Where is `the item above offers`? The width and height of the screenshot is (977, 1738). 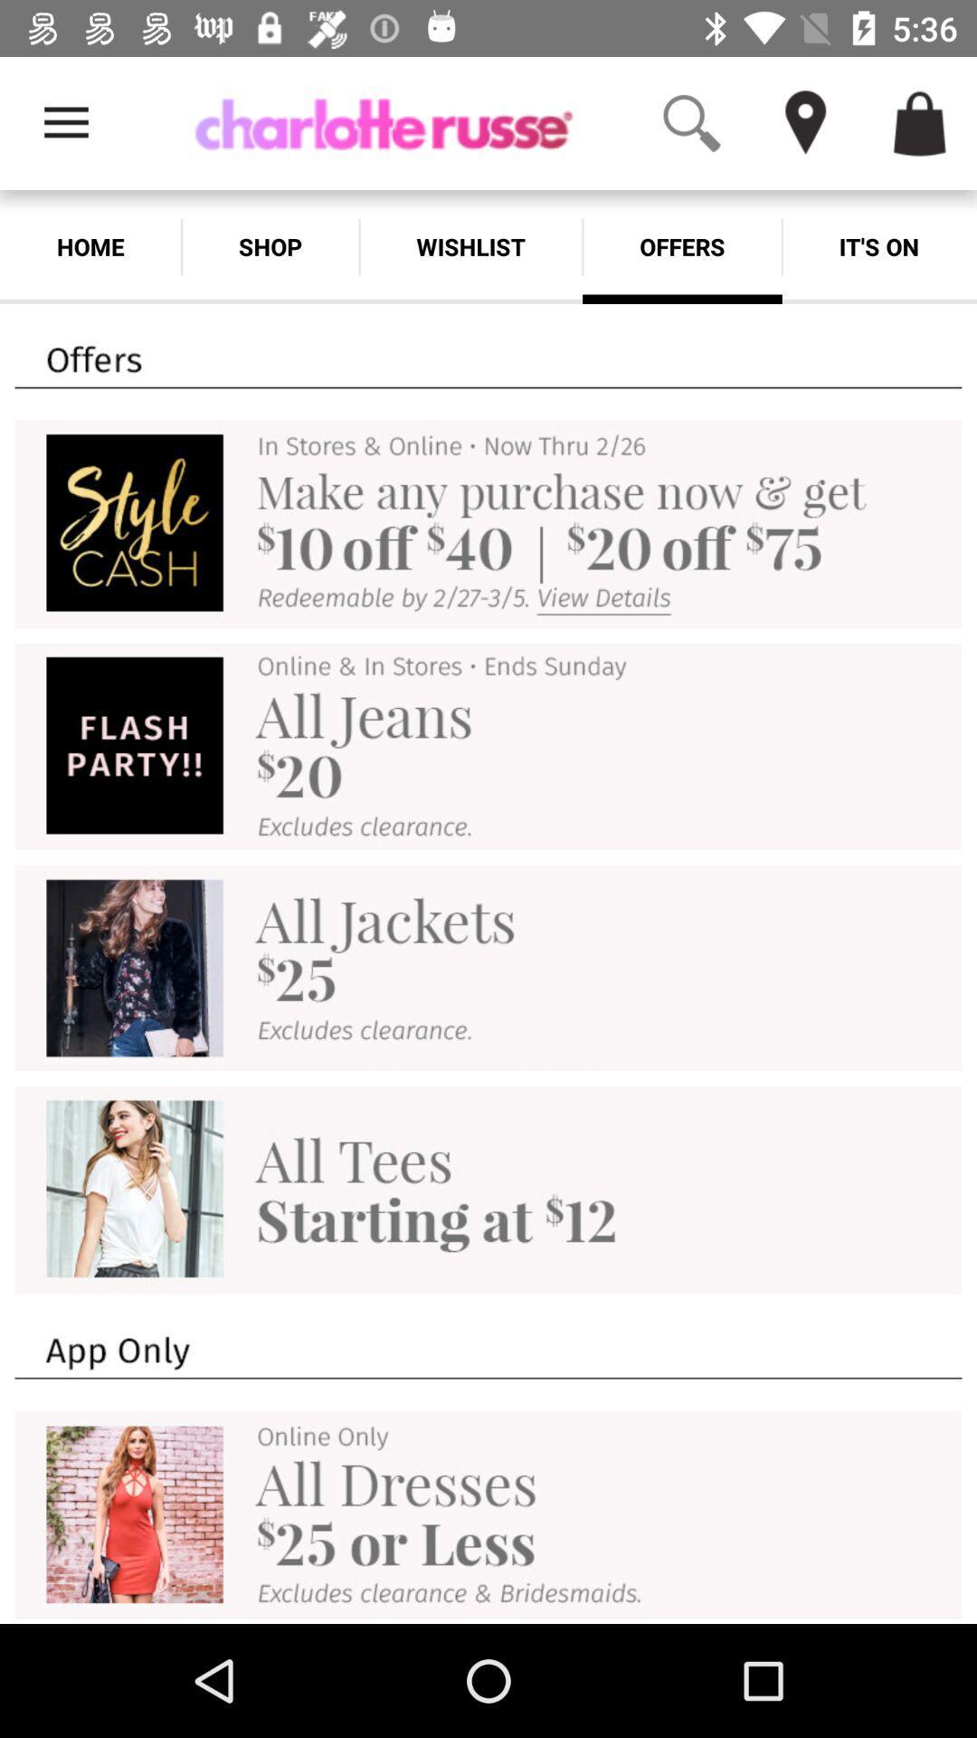 the item above offers is located at coordinates (805, 122).